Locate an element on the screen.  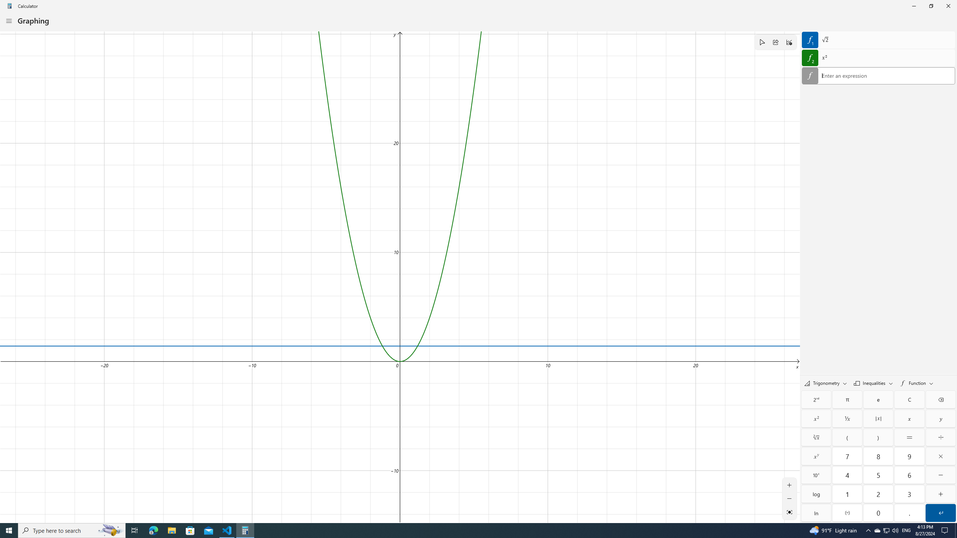
'Multiply by' is located at coordinates (940, 456).